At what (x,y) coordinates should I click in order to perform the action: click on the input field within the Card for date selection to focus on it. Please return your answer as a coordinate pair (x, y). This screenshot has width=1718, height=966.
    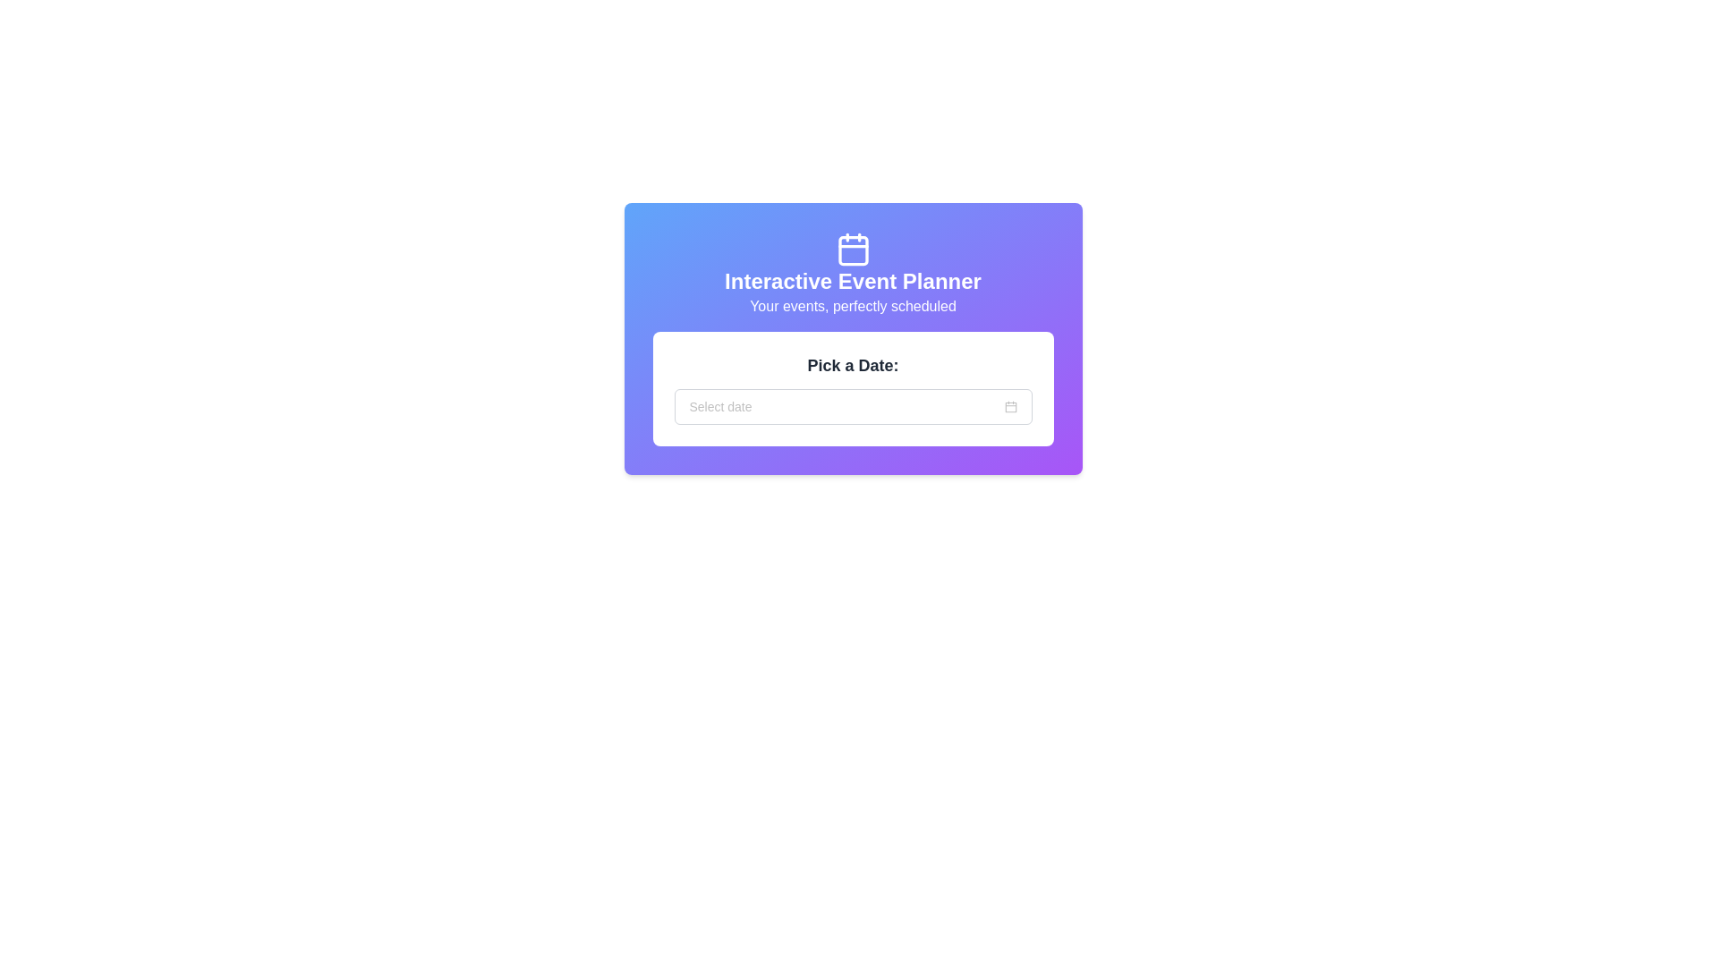
    Looking at the image, I should click on (852, 388).